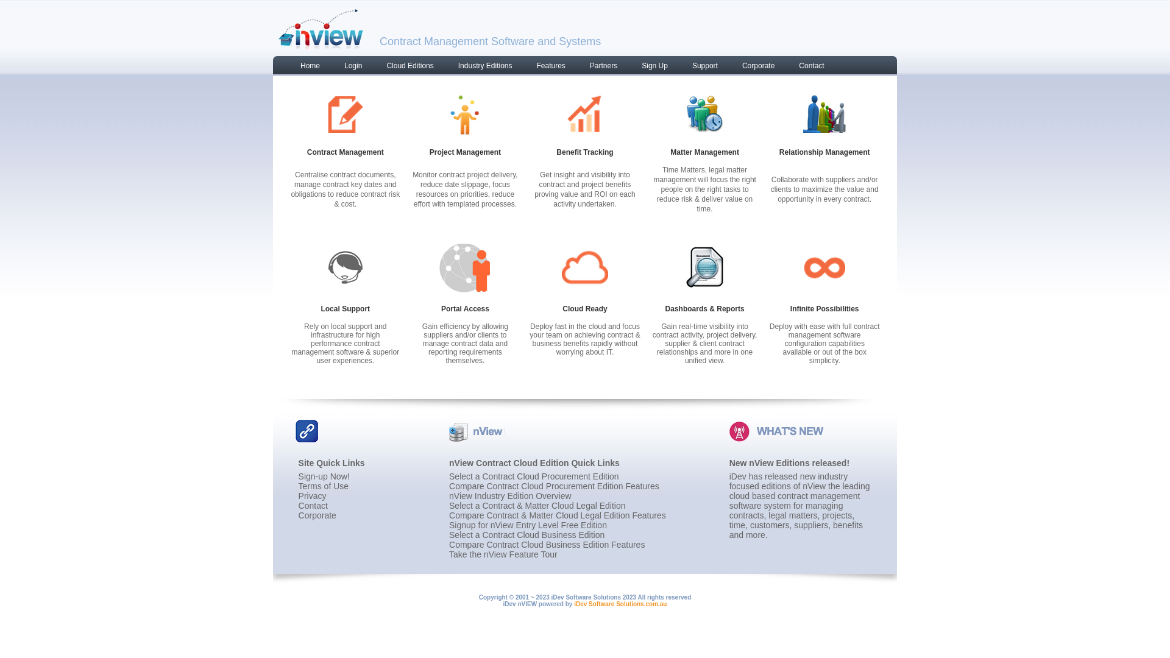 Image resolution: width=1170 pixels, height=658 pixels. What do you see at coordinates (805, 68) in the screenshot?
I see `'Contact'` at bounding box center [805, 68].